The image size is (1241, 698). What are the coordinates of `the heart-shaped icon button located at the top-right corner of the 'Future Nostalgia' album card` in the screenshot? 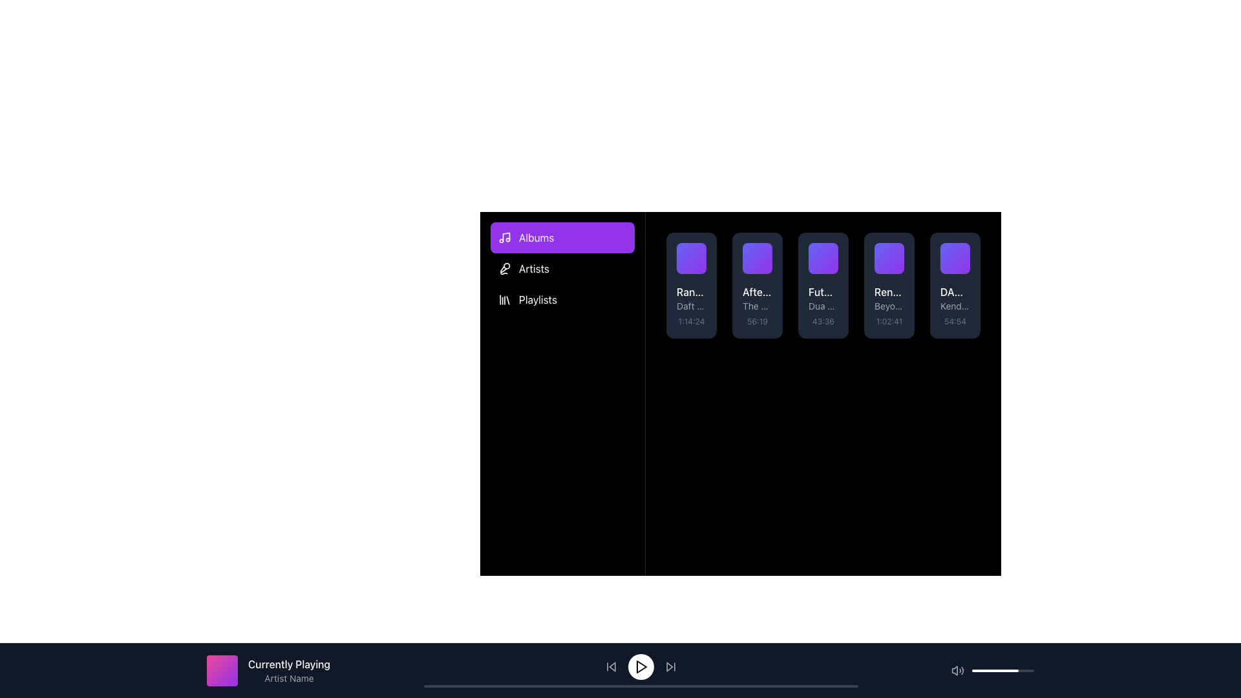 It's located at (831, 251).